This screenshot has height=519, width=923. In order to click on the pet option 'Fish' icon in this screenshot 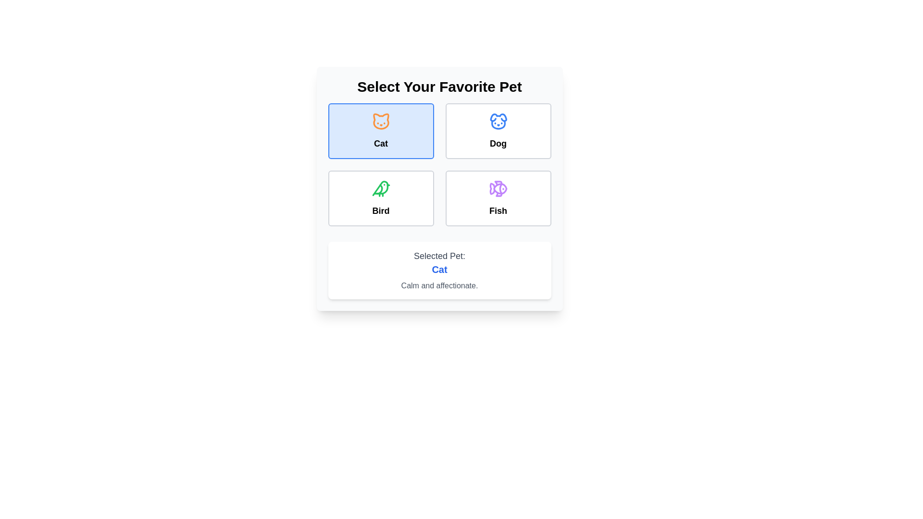, I will do `click(498, 189)`.